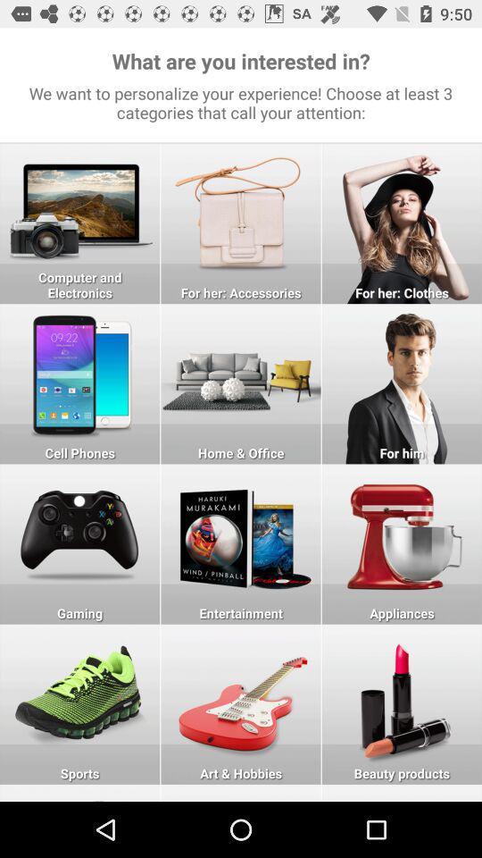 The image size is (482, 858). What do you see at coordinates (241, 383) in the screenshot?
I see `interest` at bounding box center [241, 383].